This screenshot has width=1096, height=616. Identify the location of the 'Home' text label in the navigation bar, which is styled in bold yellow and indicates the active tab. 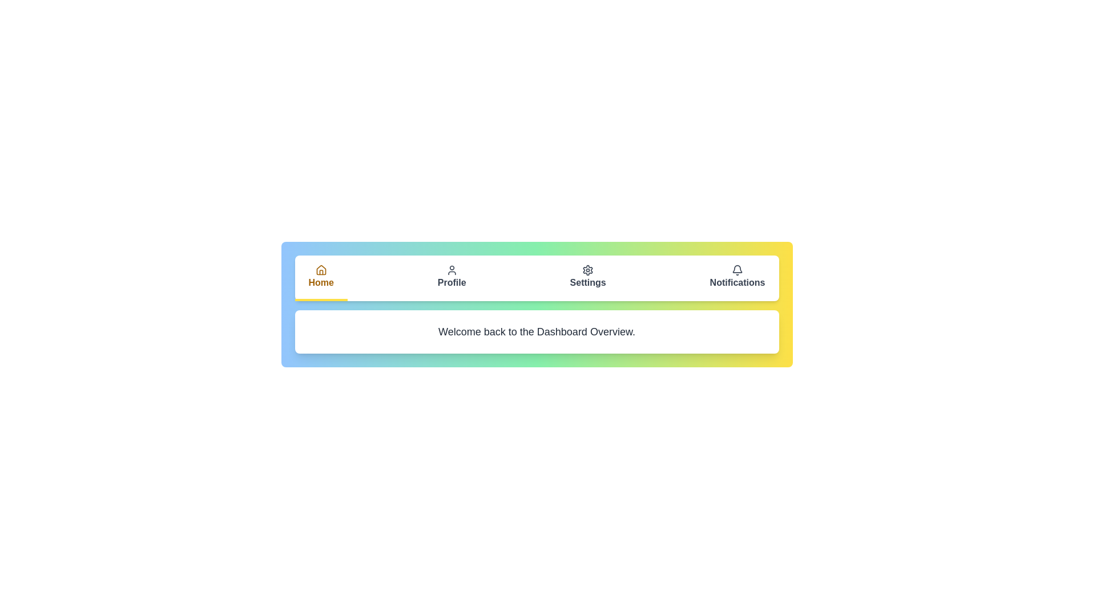
(320, 282).